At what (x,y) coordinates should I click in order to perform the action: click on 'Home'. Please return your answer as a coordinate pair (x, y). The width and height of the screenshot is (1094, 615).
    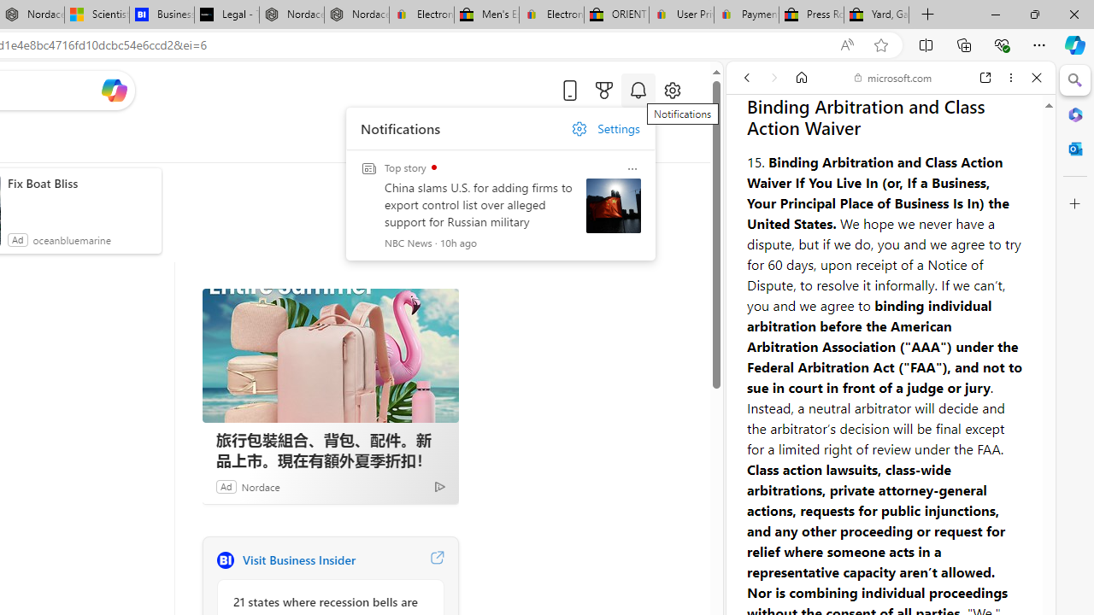
    Looking at the image, I should click on (801, 78).